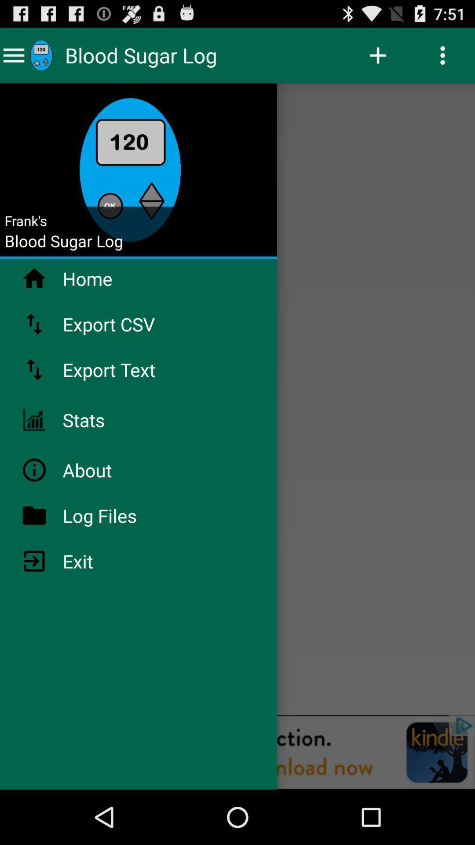 The height and width of the screenshot is (845, 475). Describe the element at coordinates (132, 323) in the screenshot. I see `the item above the export text` at that location.